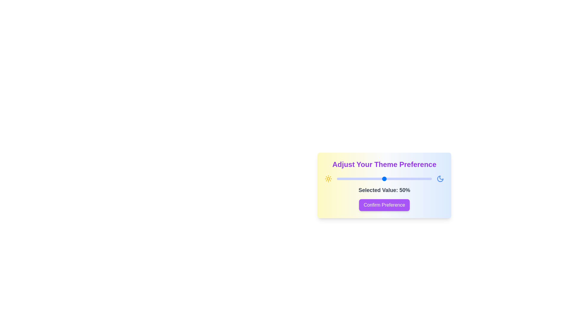 This screenshot has width=573, height=322. Describe the element at coordinates (384, 205) in the screenshot. I see `the confirmation button located at the bottom of the gradient-colored card titled 'Adjust Your Theme Preference'` at that location.